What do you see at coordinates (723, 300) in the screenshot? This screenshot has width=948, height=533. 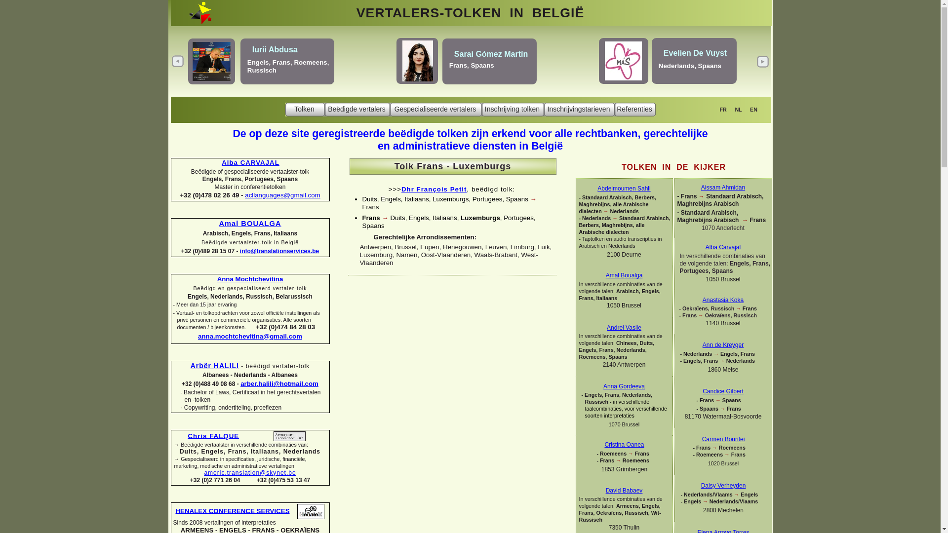 I see `'Anastasia Koka'` at bounding box center [723, 300].